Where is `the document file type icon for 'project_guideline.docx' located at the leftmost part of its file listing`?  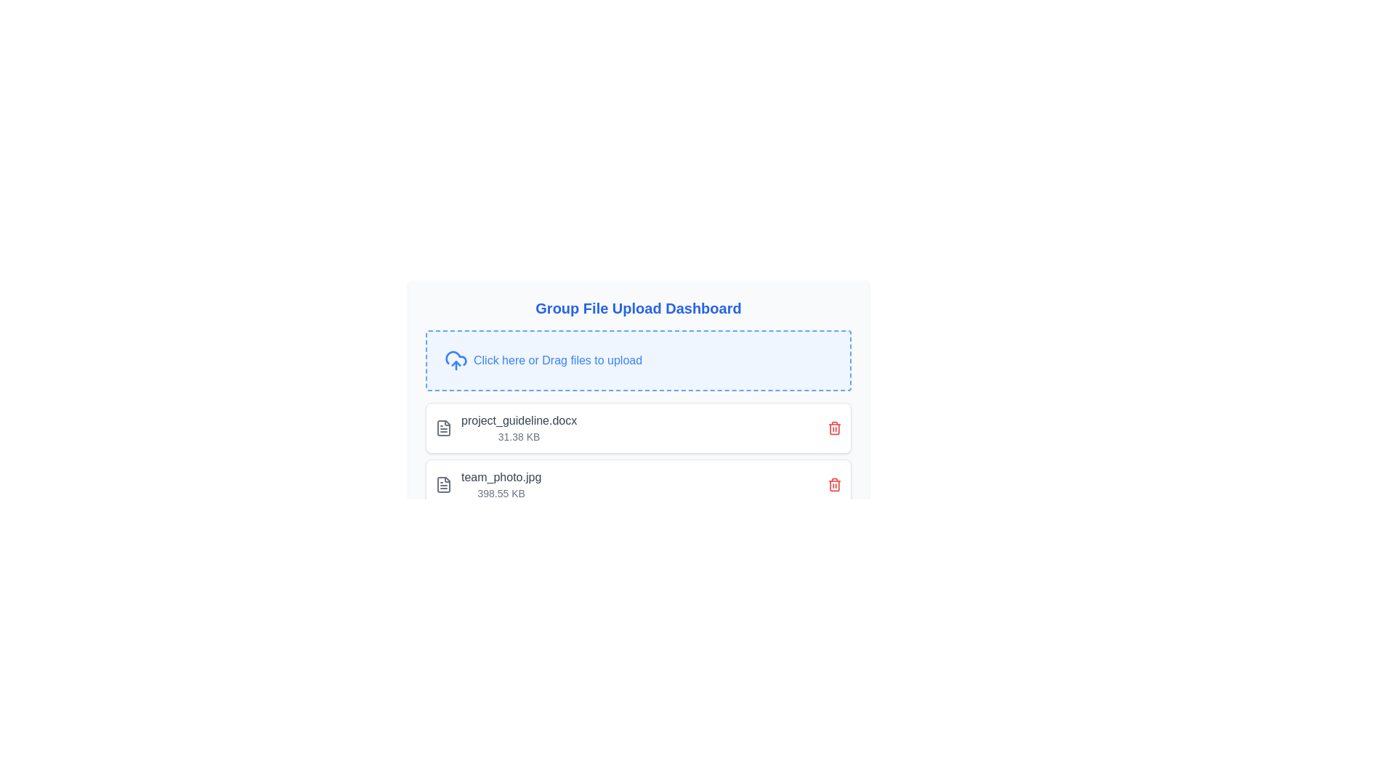
the document file type icon for 'project_guideline.docx' located at the leftmost part of its file listing is located at coordinates (442, 428).